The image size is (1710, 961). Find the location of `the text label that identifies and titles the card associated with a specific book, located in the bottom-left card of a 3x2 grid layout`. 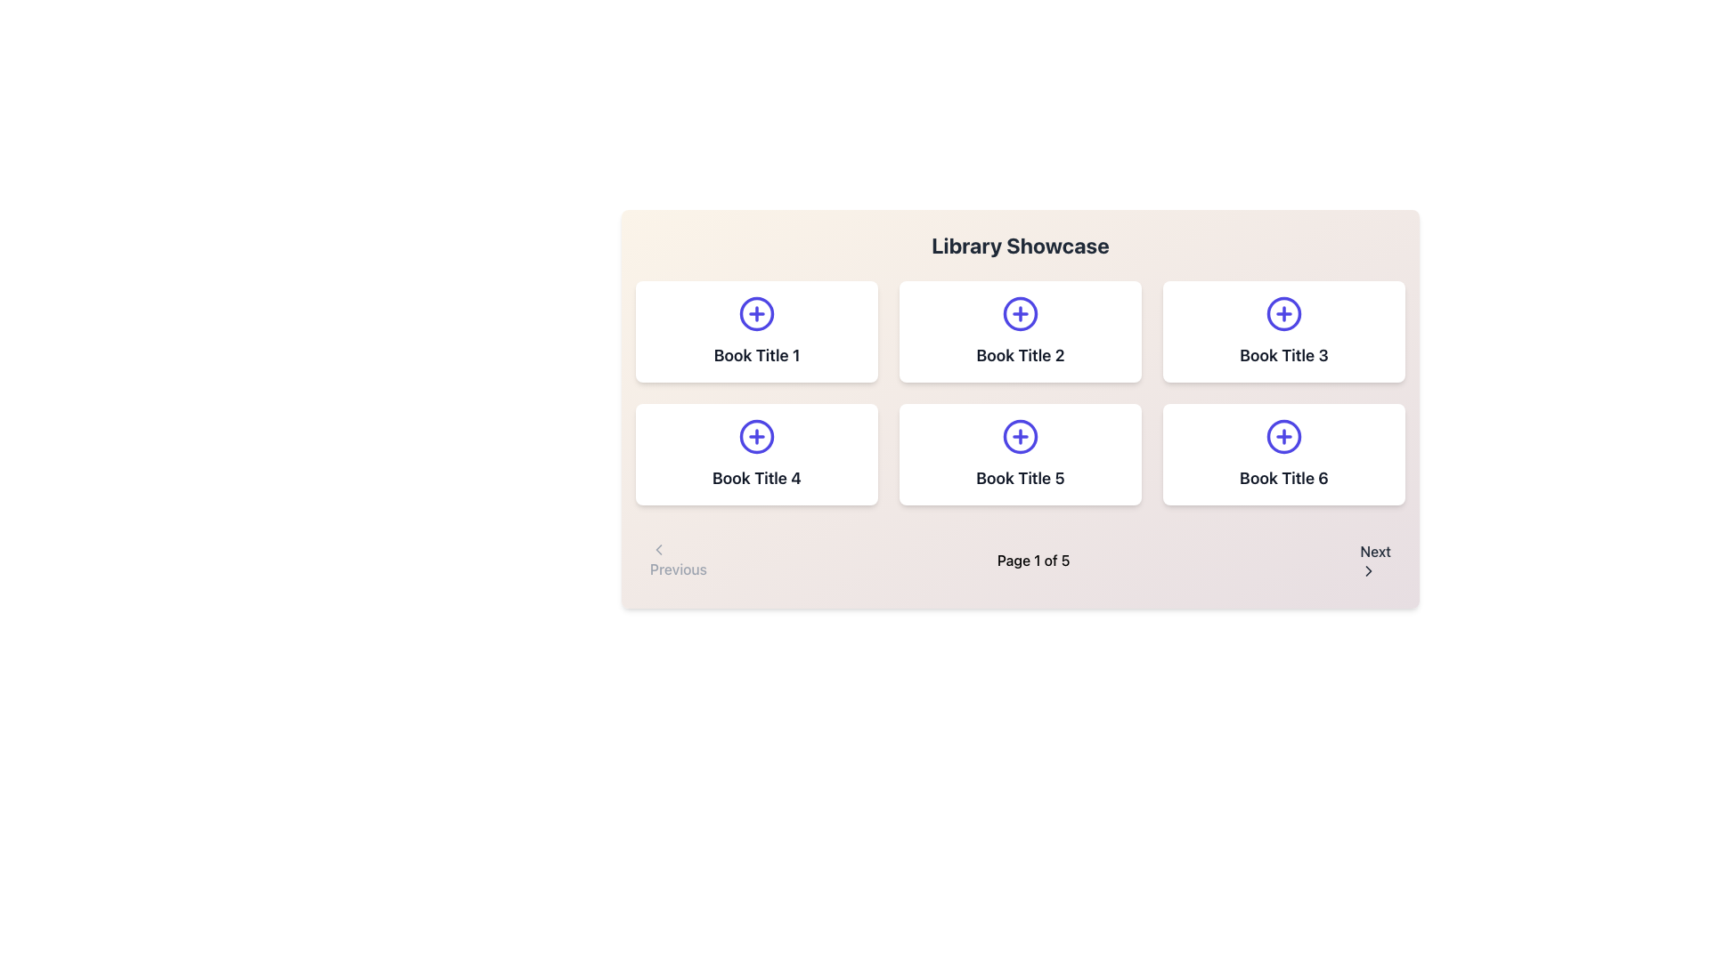

the text label that identifies and titles the card associated with a specific book, located in the bottom-left card of a 3x2 grid layout is located at coordinates (756, 477).